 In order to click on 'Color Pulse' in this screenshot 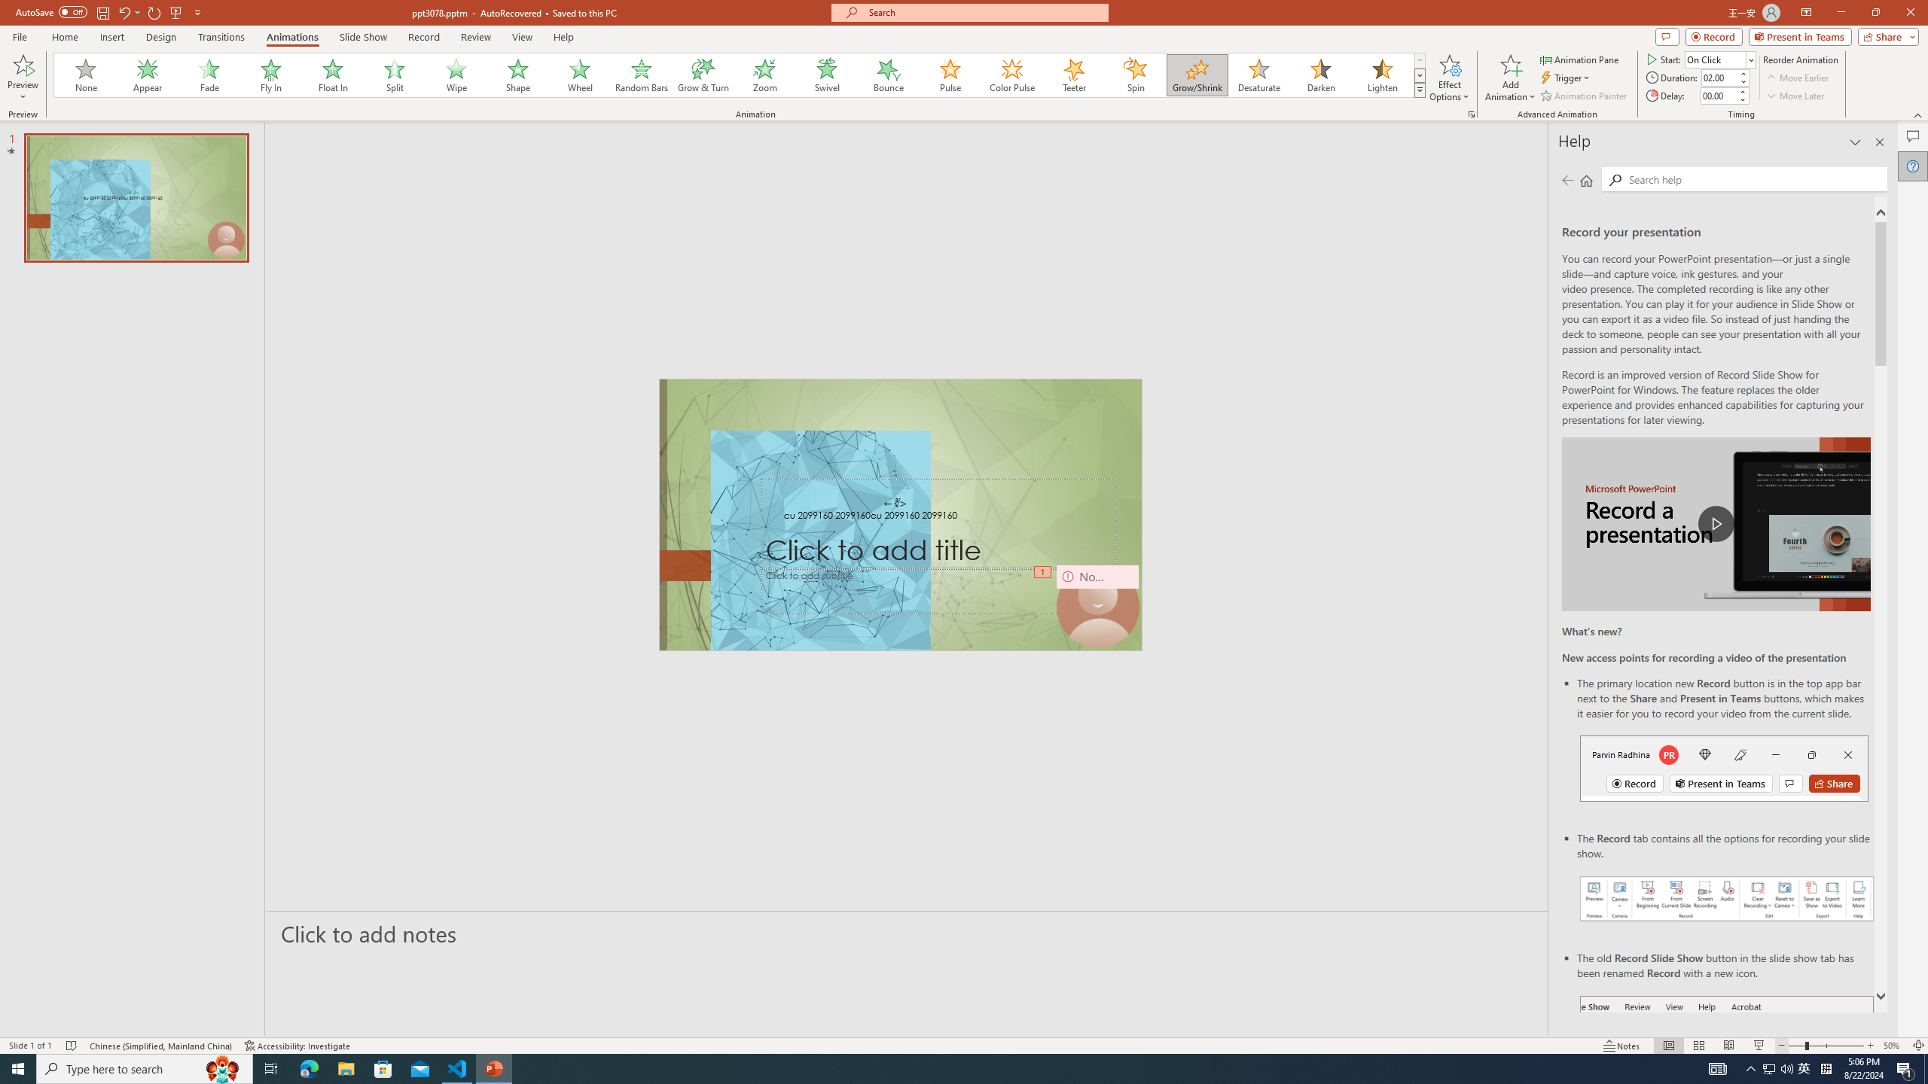, I will do `click(1012, 75)`.